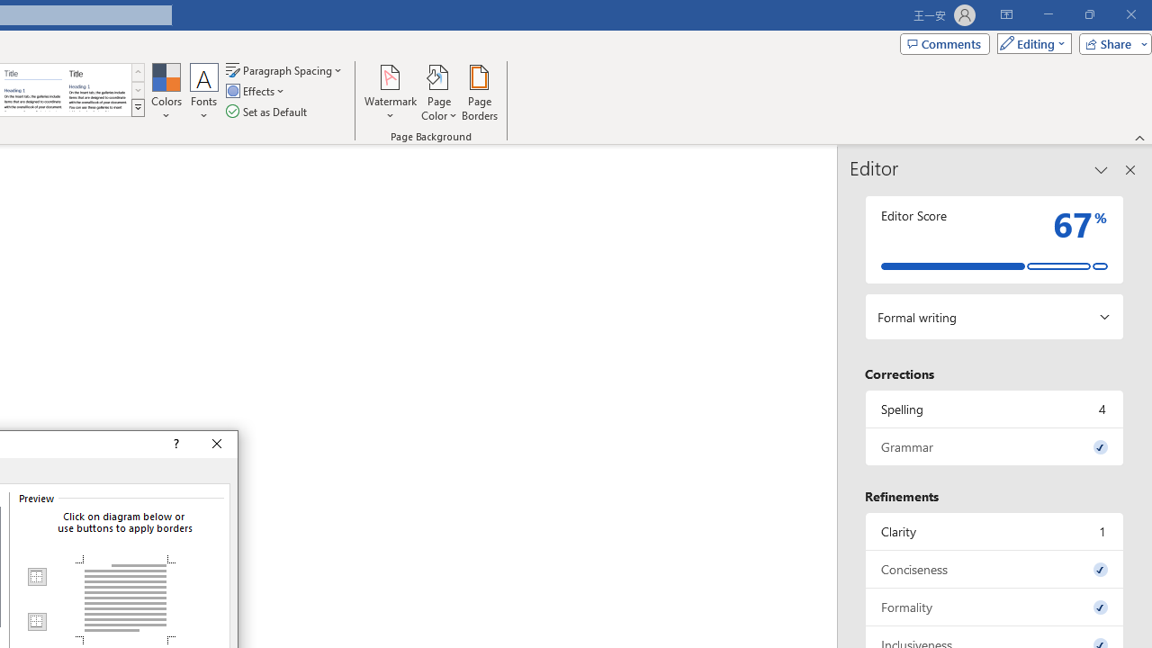  Describe the element at coordinates (994, 569) in the screenshot. I see `'Conciseness, 0 issues. Press space or enter to review items.'` at that location.